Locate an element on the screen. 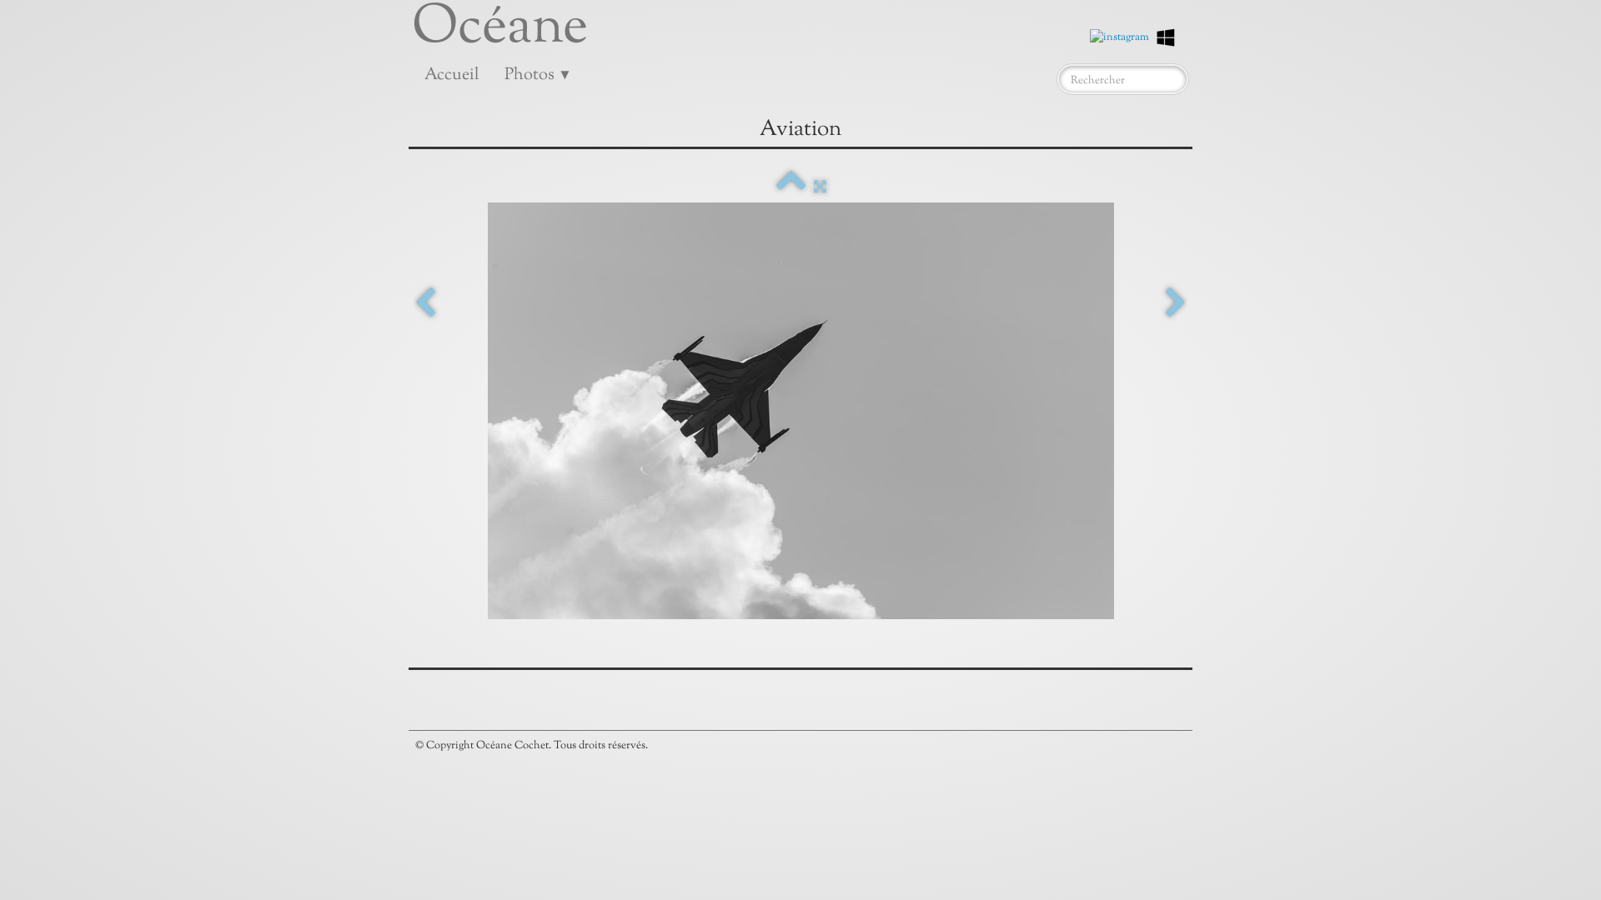 Image resolution: width=1601 pixels, height=900 pixels. 'Accueil' is located at coordinates (452, 76).